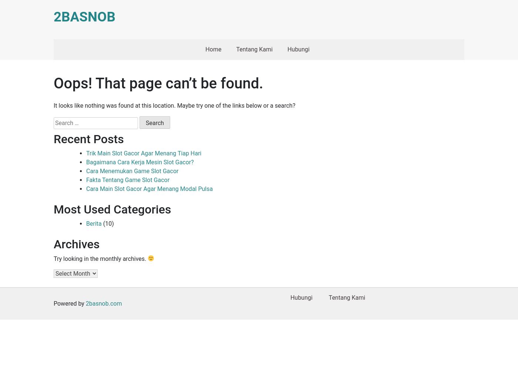 This screenshot has width=518, height=370. I want to click on 'Cara Menemukan Game Slot Gacor', so click(132, 170).